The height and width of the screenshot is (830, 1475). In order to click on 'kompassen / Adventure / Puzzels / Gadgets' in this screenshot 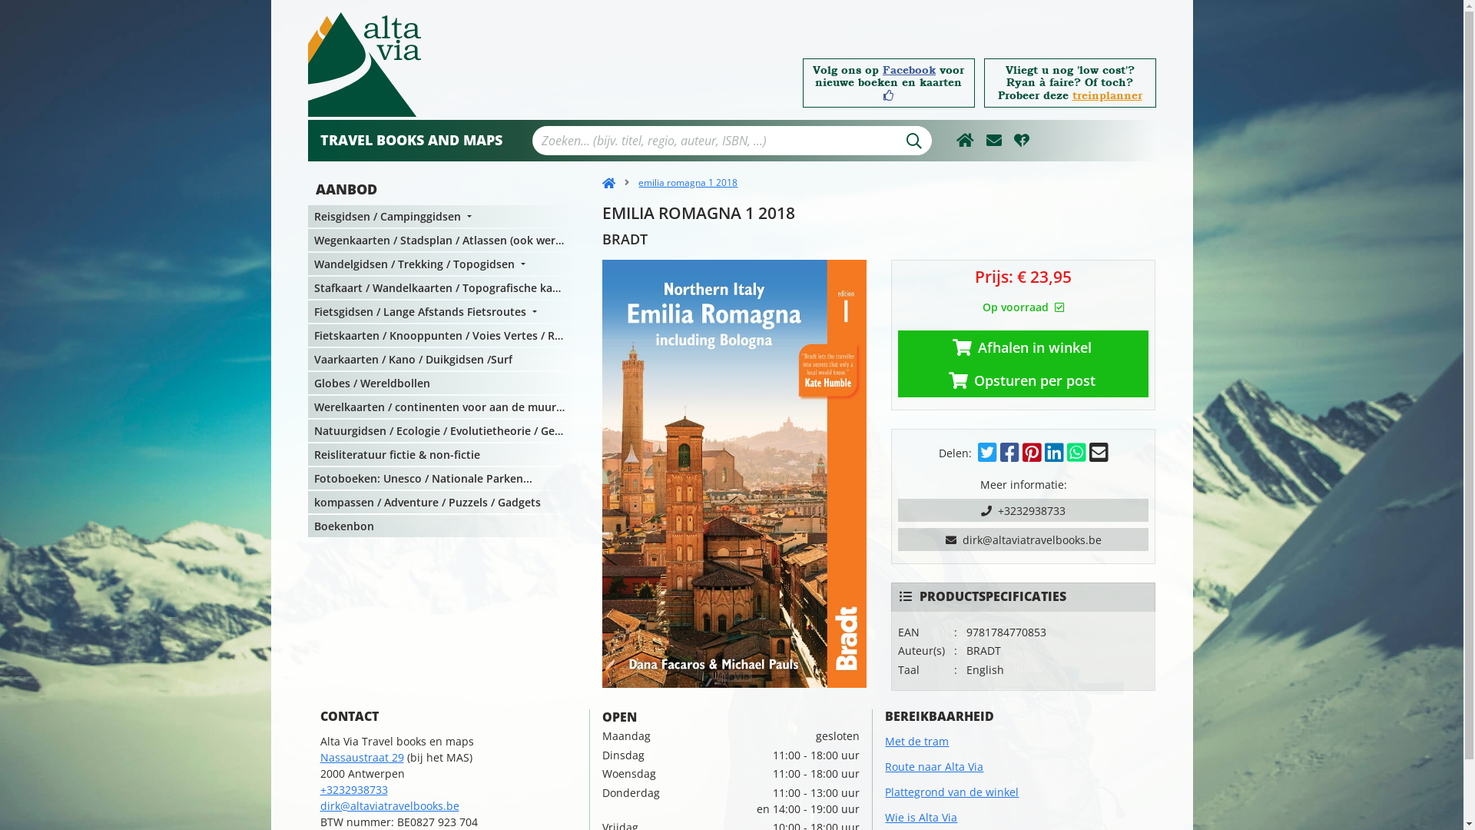, I will do `click(442, 502)`.